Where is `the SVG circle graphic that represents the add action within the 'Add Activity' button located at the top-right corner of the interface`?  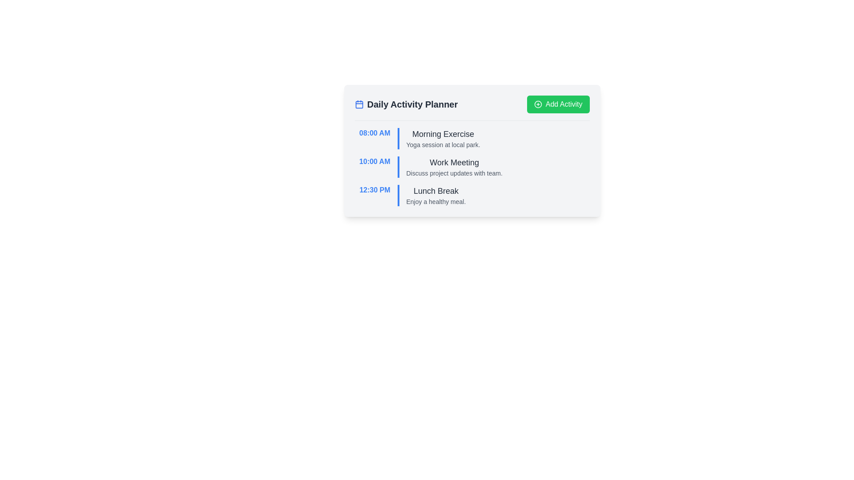 the SVG circle graphic that represents the add action within the 'Add Activity' button located at the top-right corner of the interface is located at coordinates (537, 104).